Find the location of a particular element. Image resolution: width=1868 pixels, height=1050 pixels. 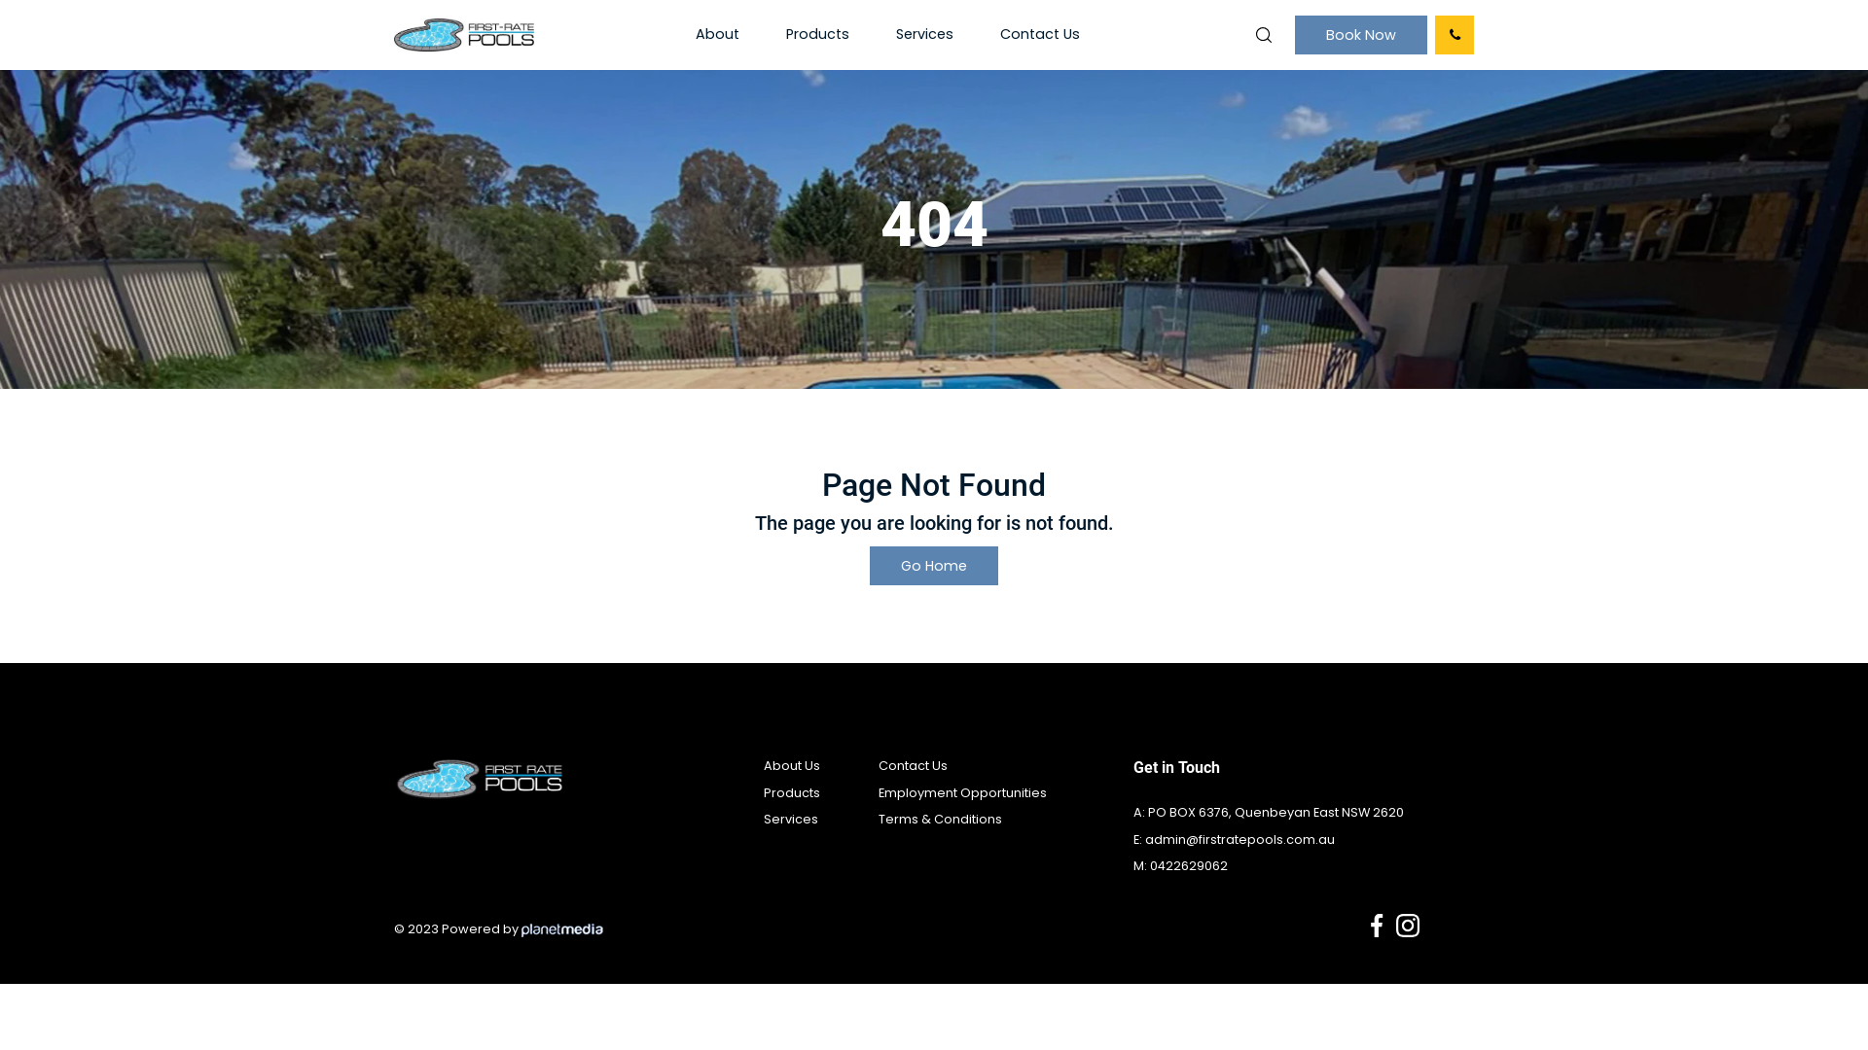

'Facebook' is located at coordinates (1376, 925).